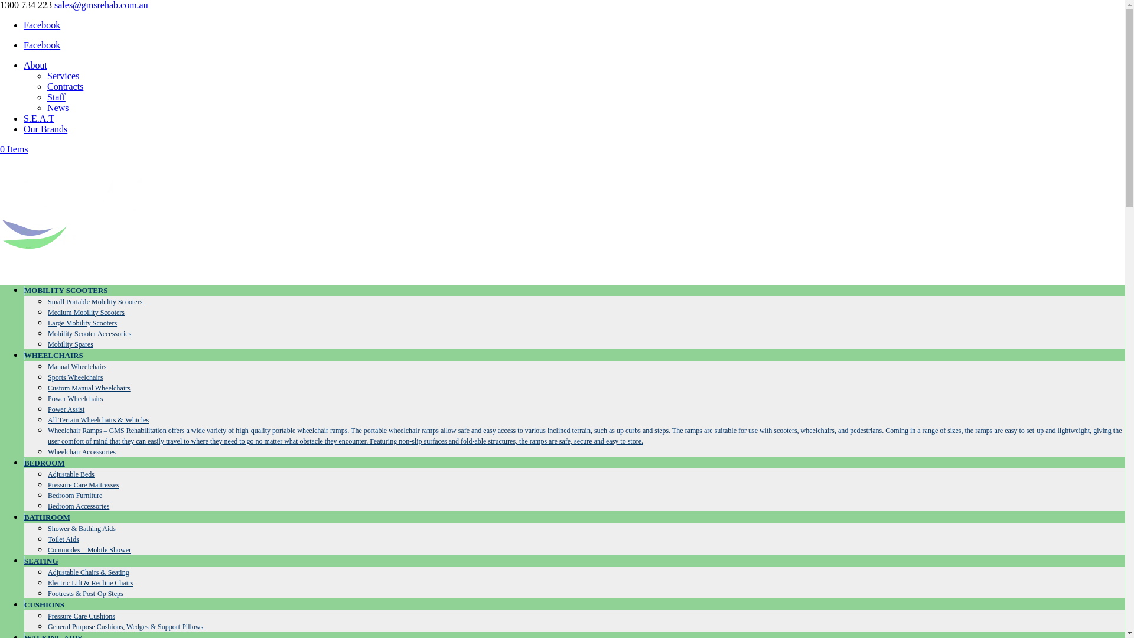  What do you see at coordinates (85, 311) in the screenshot?
I see `'Medium Mobility Scooters'` at bounding box center [85, 311].